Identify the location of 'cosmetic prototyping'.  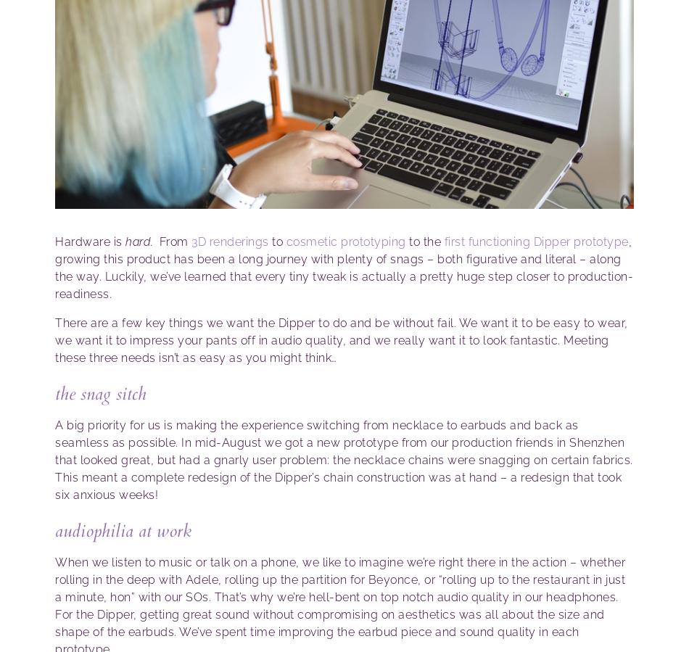
(284, 241).